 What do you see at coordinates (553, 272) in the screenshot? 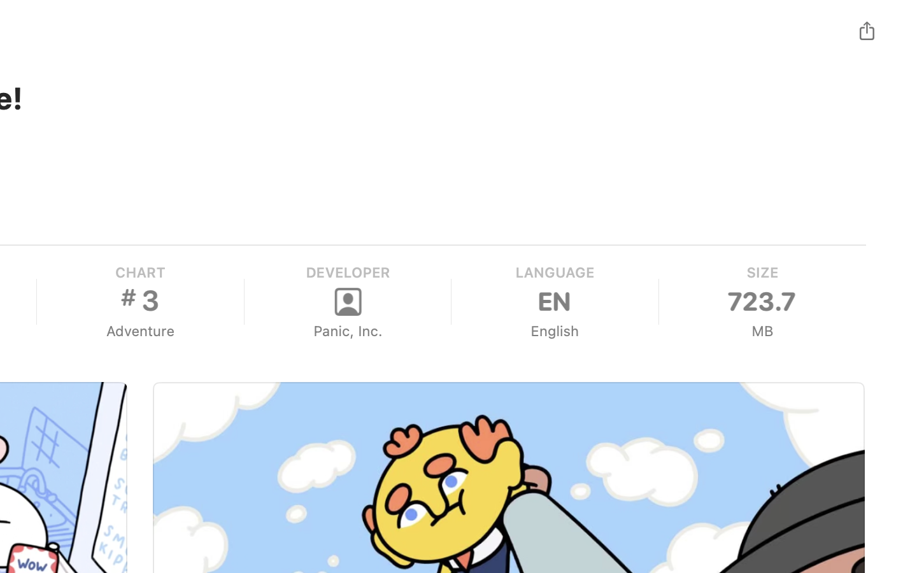
I see `'LANGUAGE'` at bounding box center [553, 272].